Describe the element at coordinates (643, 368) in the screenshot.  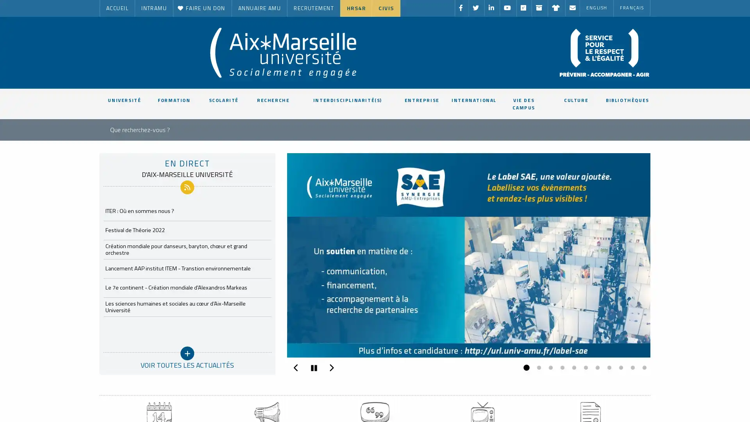
I see `Go to slide 11` at that location.